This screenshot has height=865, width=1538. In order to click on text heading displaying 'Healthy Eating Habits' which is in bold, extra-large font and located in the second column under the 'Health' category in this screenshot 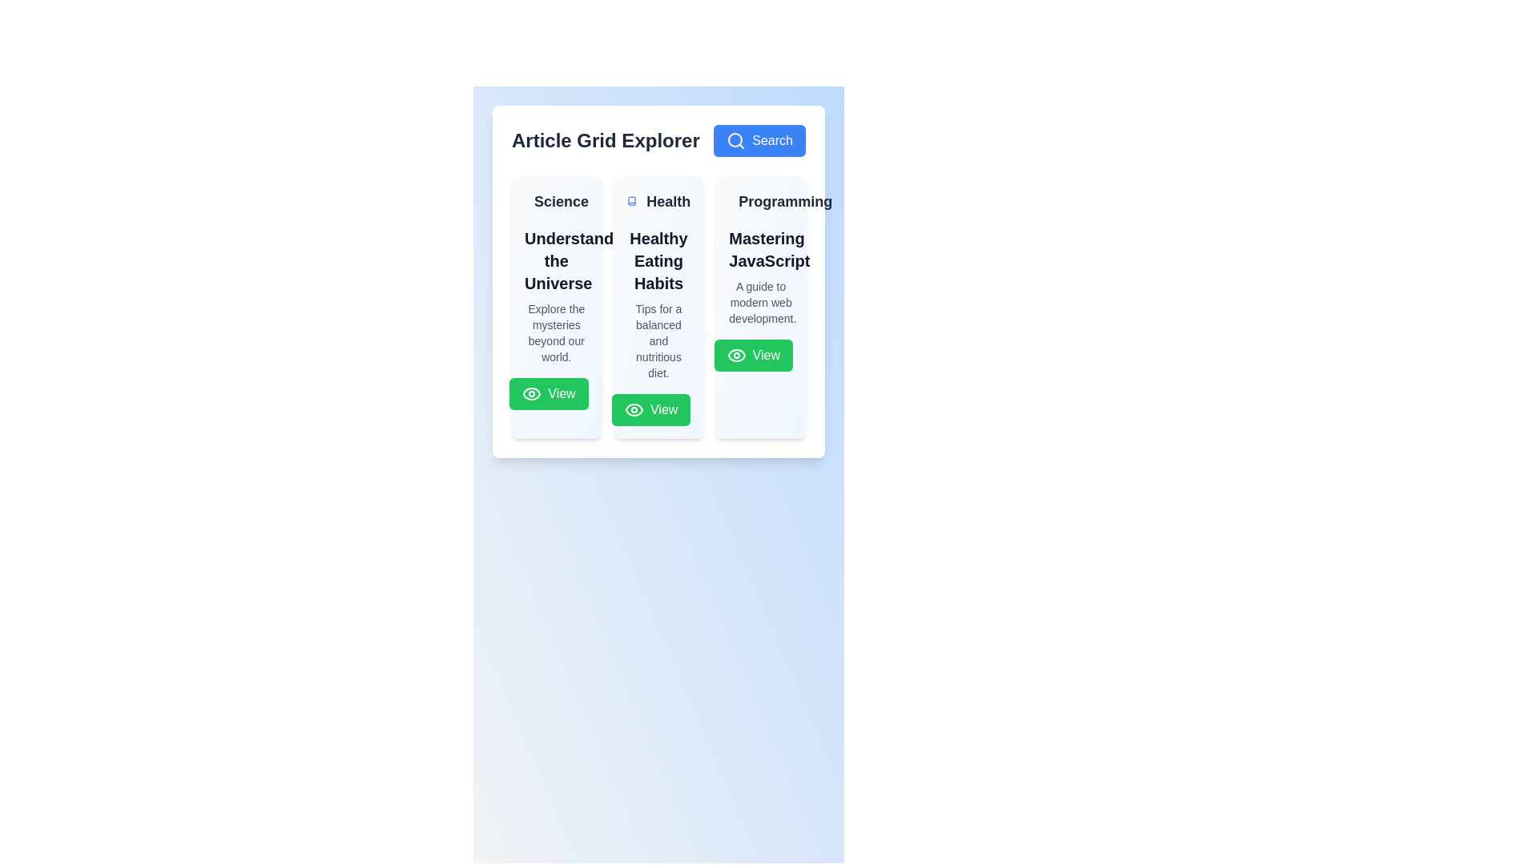, I will do `click(658, 260)`.